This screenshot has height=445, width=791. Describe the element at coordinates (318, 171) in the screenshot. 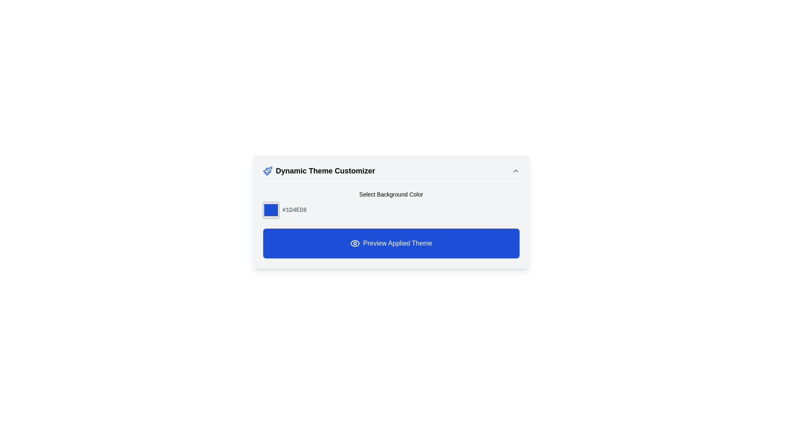

I see `text content of the Text label displaying 'Dynamic Theme Customizer' with a blue paintbrush icon to the left` at that location.